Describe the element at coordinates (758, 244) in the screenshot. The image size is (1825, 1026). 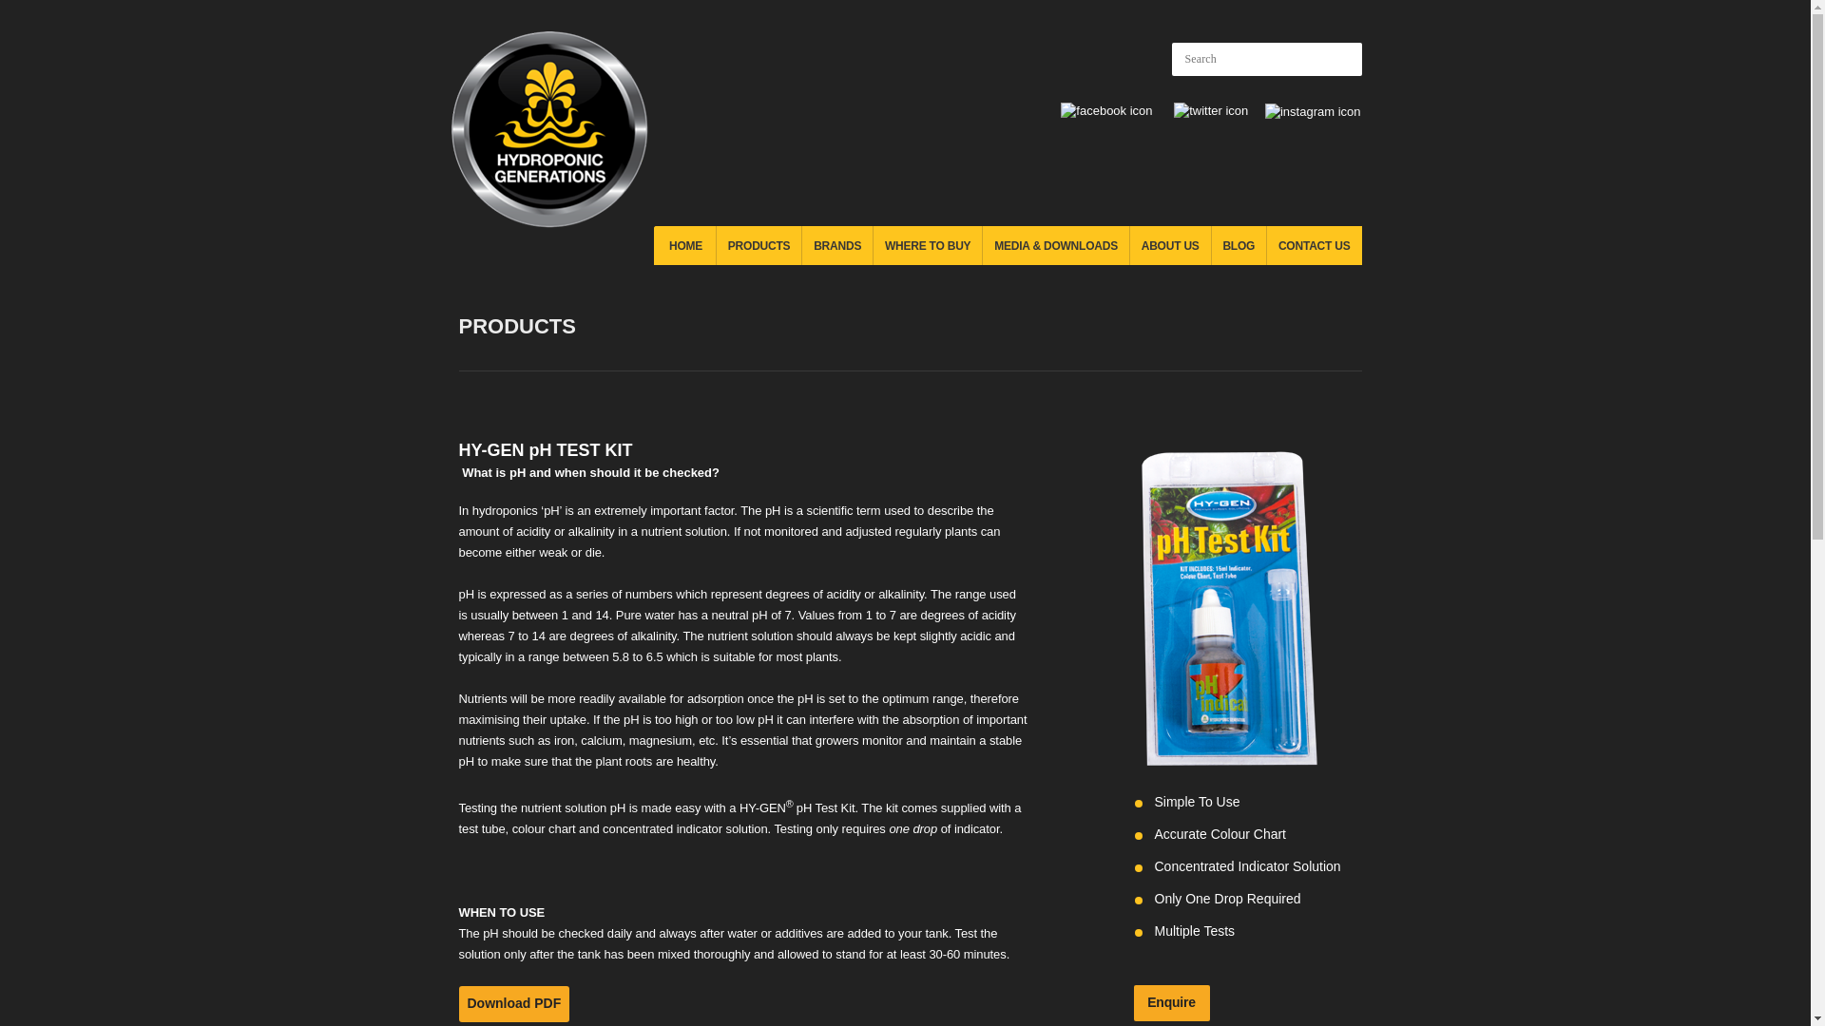
I see `'PRODUCTS'` at that location.